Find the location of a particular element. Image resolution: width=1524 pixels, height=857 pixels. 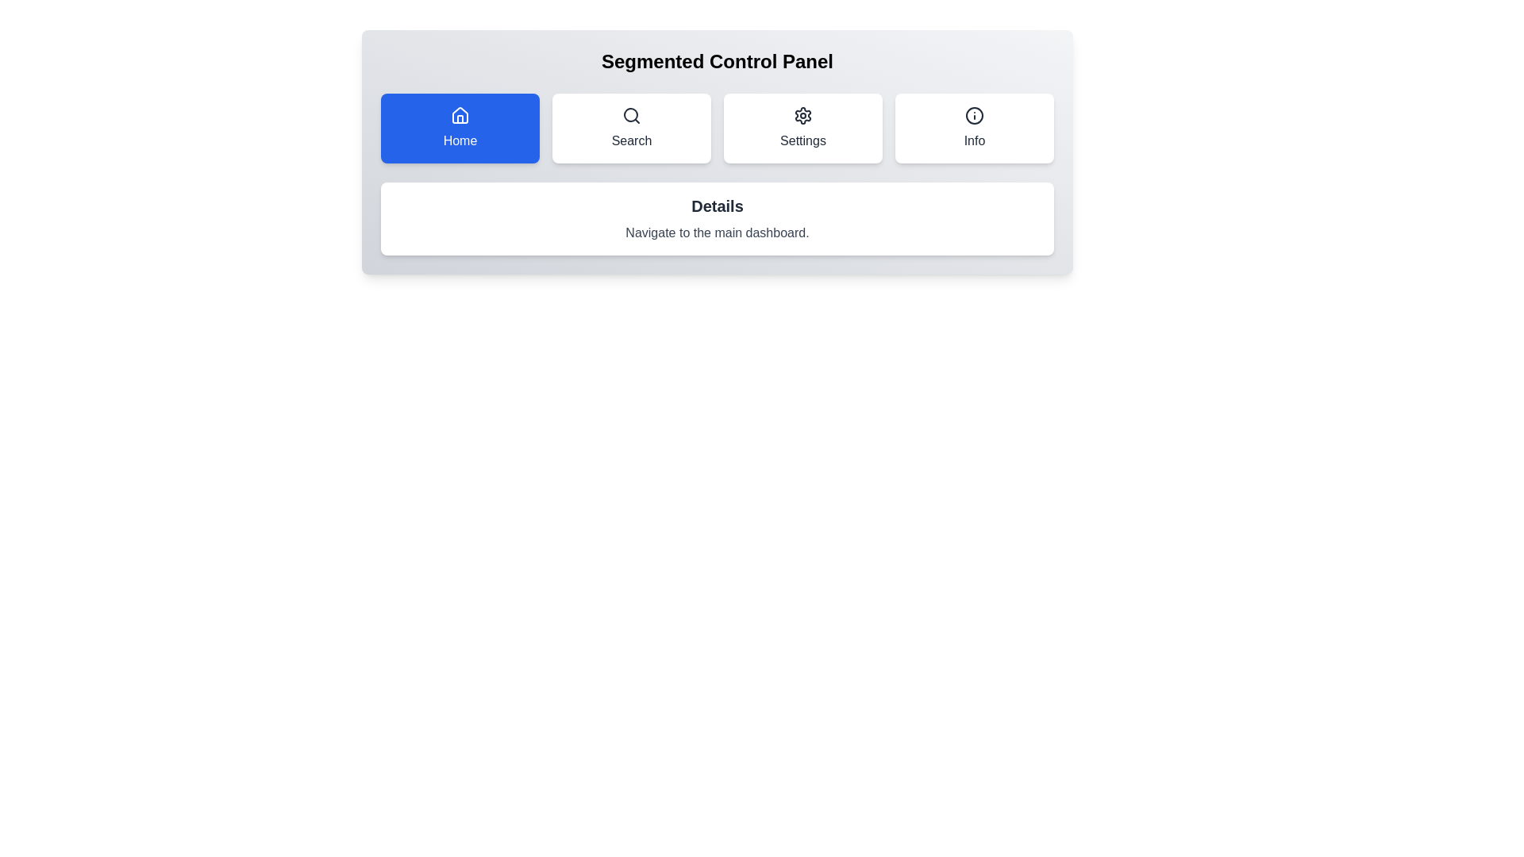

the 'Home' navigation button located at the top of the segmented control panel for keyboard navigation is located at coordinates (460, 128).